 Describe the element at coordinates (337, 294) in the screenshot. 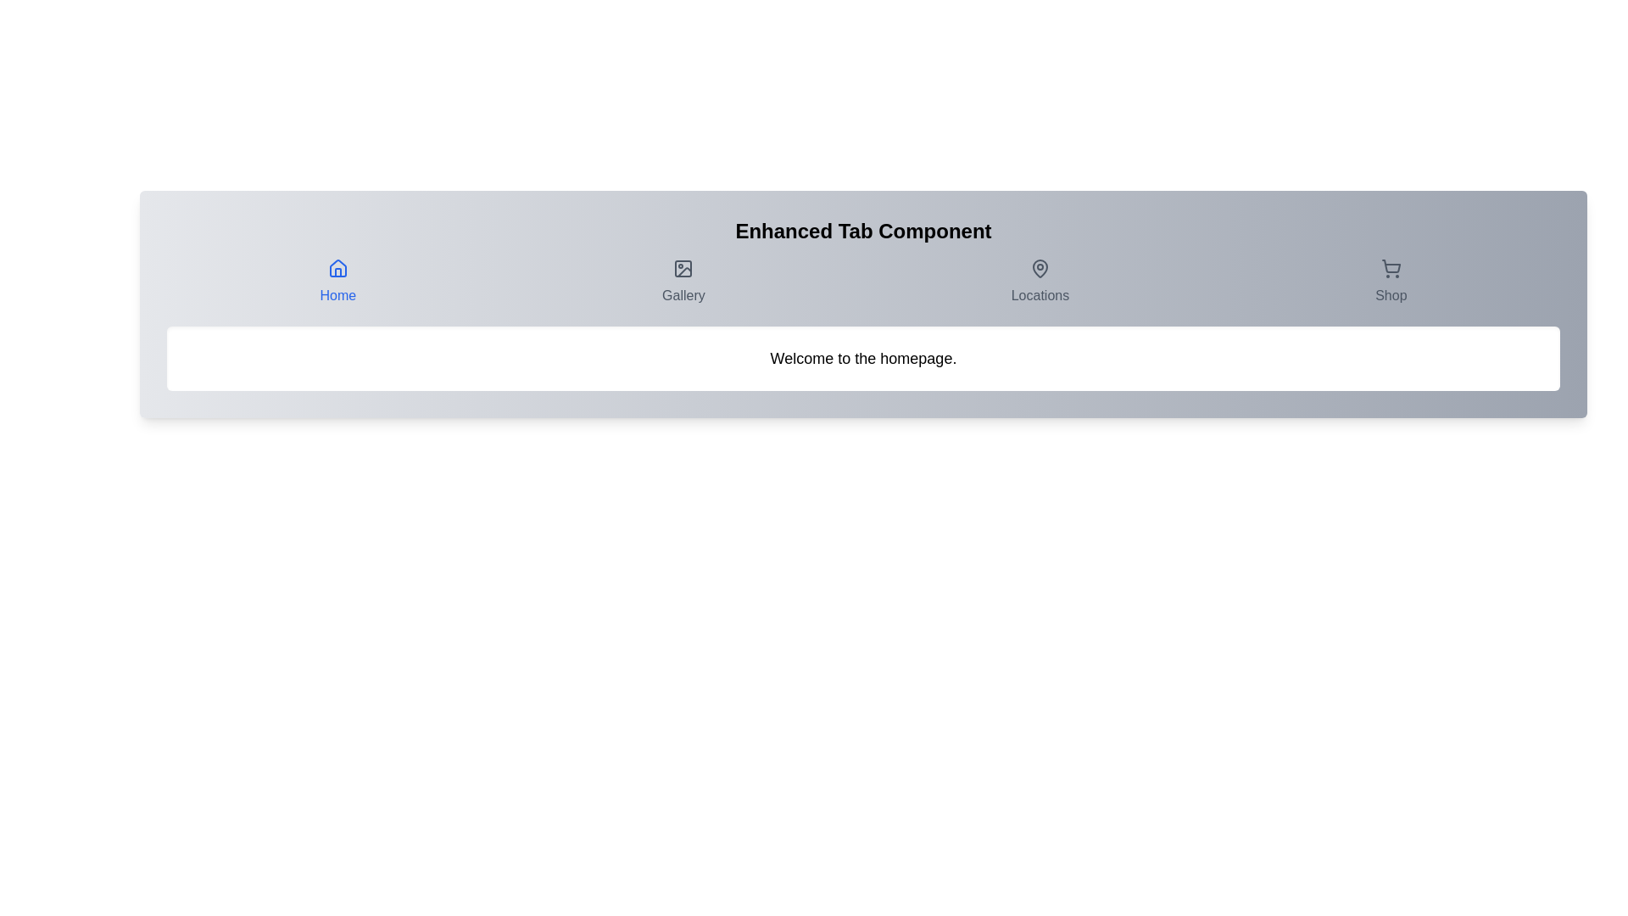

I see `the 'Home' text label` at that location.